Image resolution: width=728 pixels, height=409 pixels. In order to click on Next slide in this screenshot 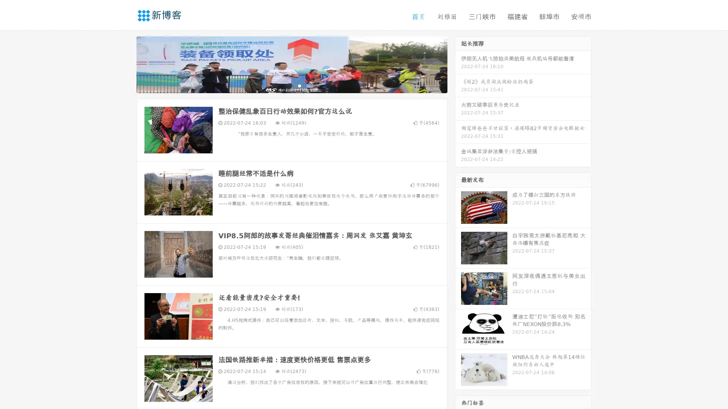, I will do `click(458, 64)`.